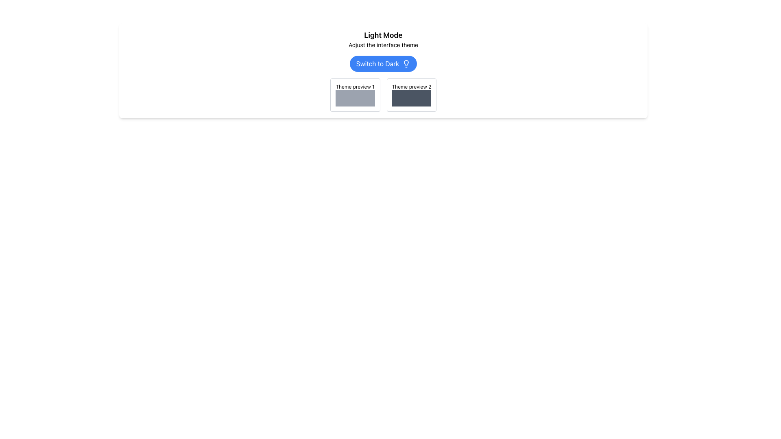 This screenshot has height=439, width=781. What do you see at coordinates (383, 45) in the screenshot?
I see `information from the text label that reads 'Adjust the interface theme', which is located below the 'Light Mode' text` at bounding box center [383, 45].